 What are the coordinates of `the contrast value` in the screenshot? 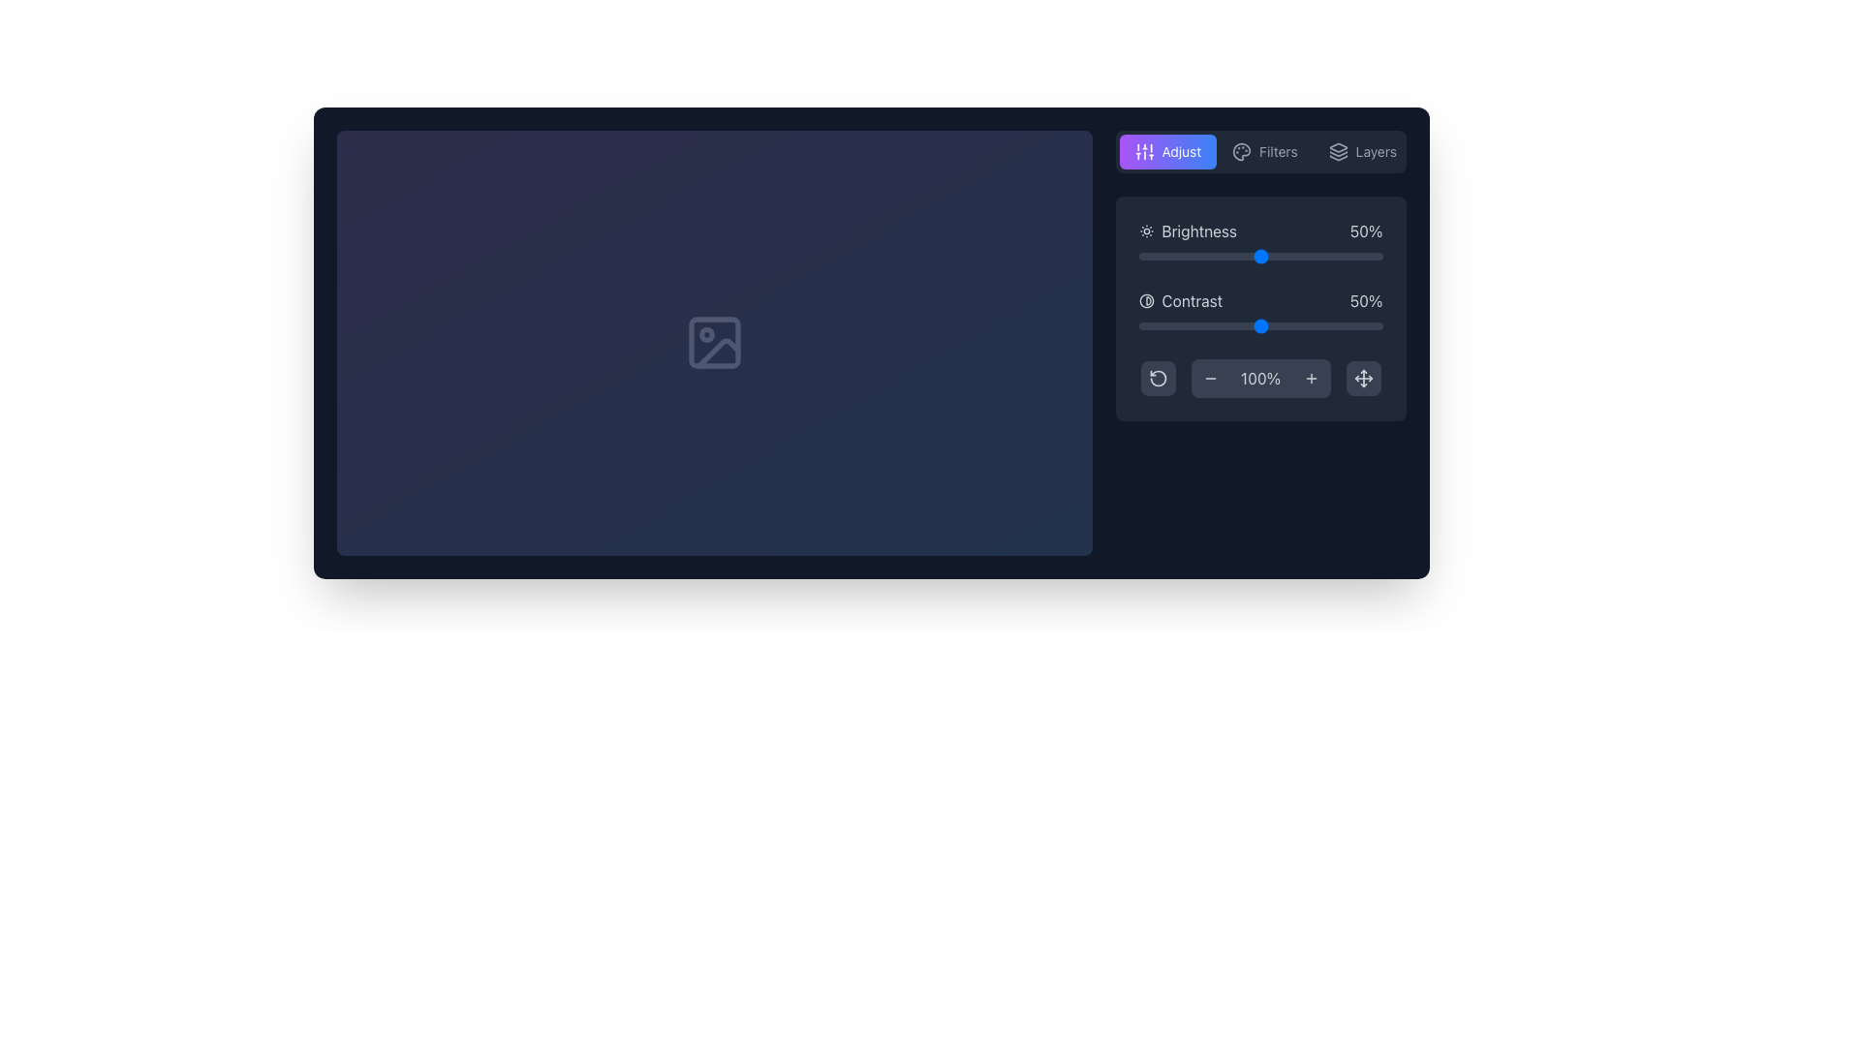 It's located at (1304, 324).